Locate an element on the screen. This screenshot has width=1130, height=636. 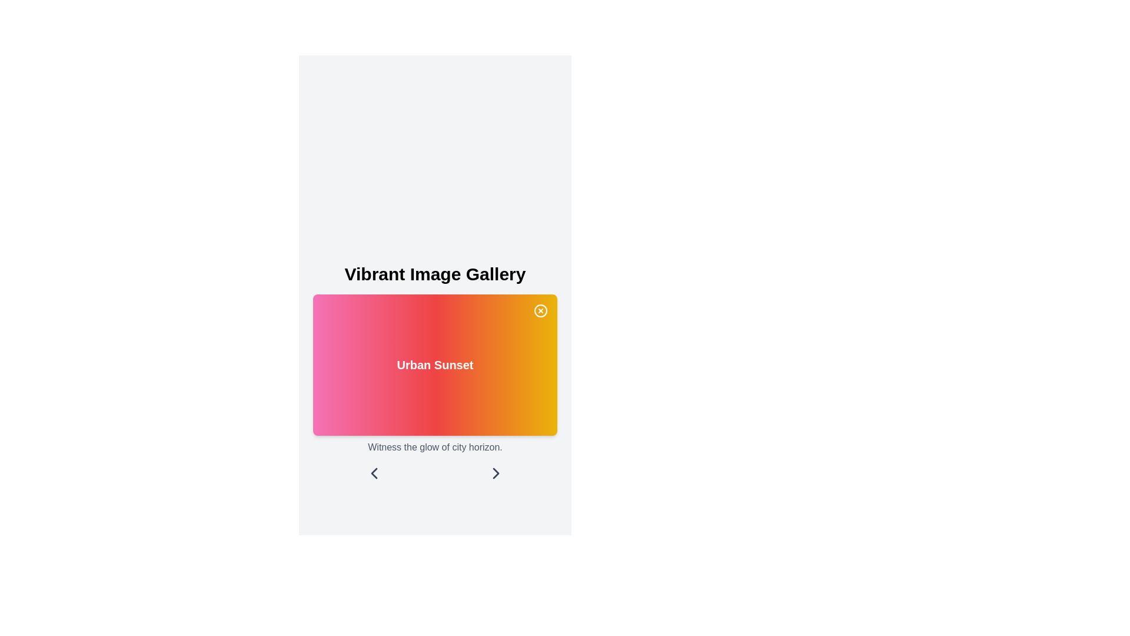
the right-pointing chevron icon for navigation located in the bottom-right corner beneath the 'Urban Sunset' gradient card is located at coordinates (496, 472).